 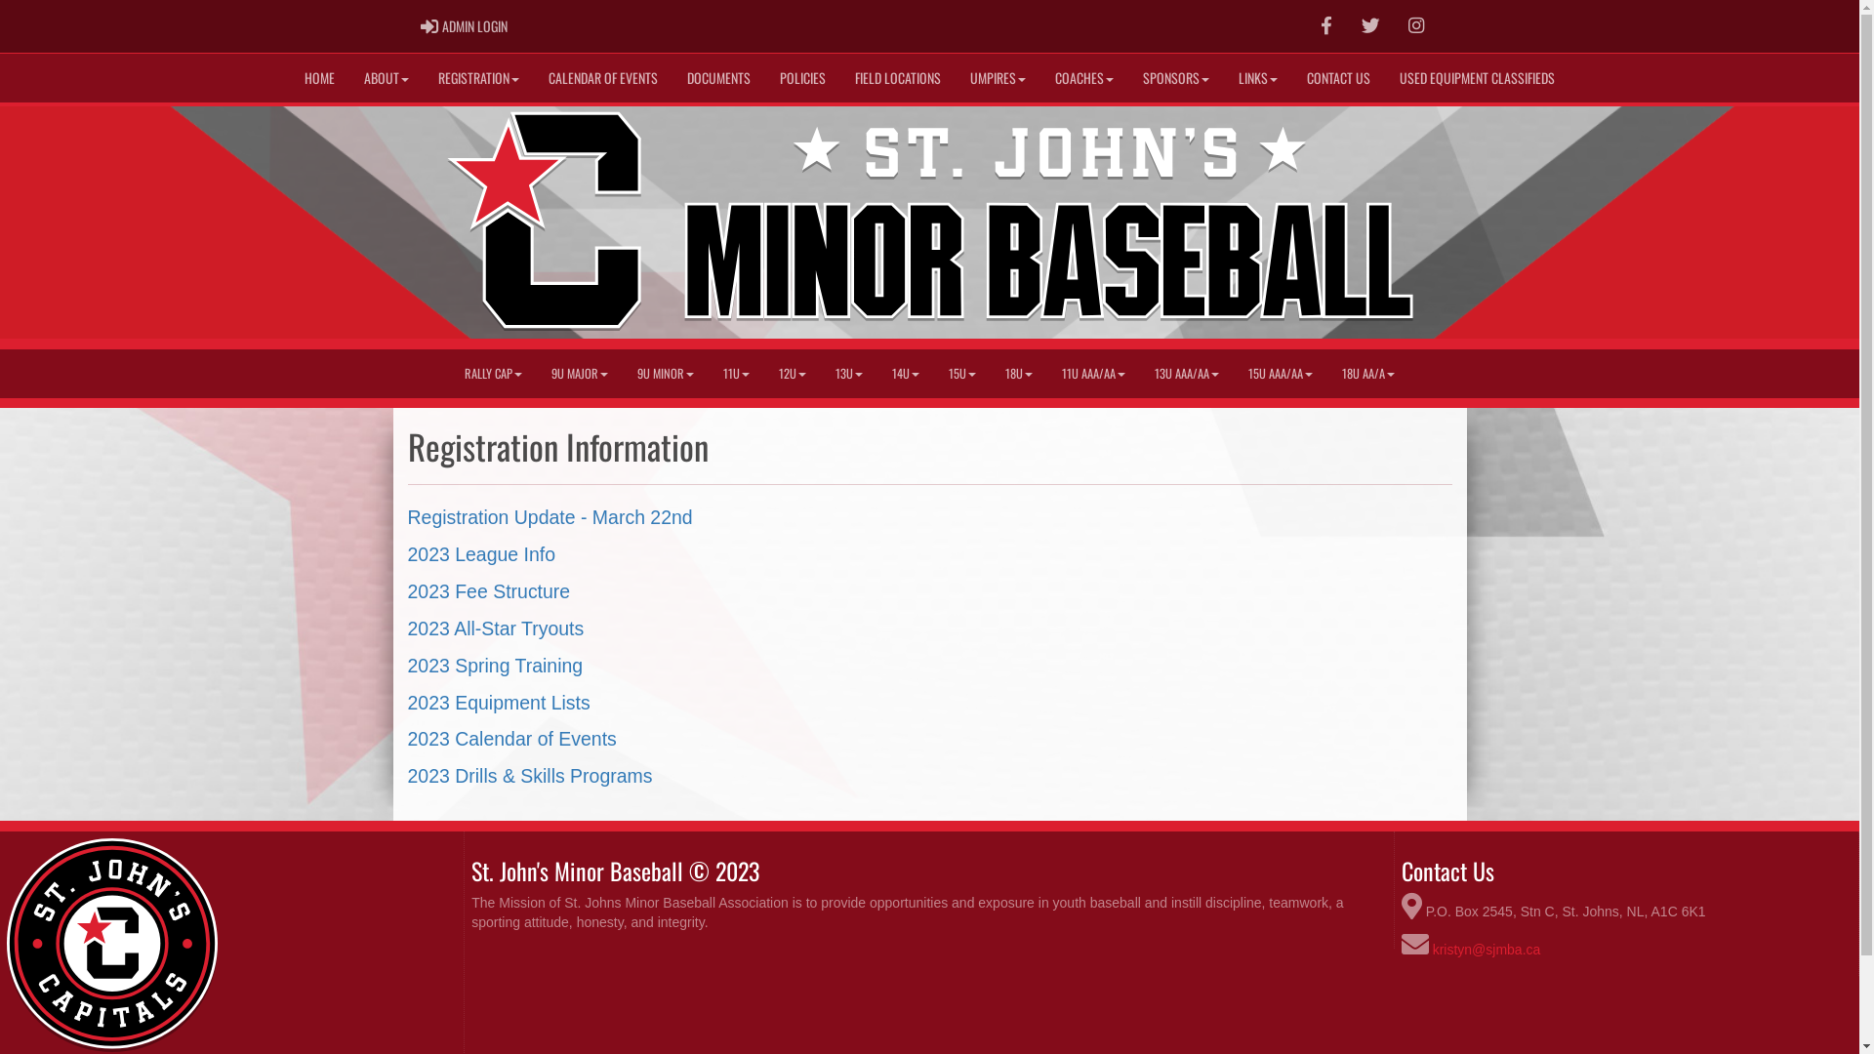 I want to click on '2023 Spring Training', so click(x=496, y=665).